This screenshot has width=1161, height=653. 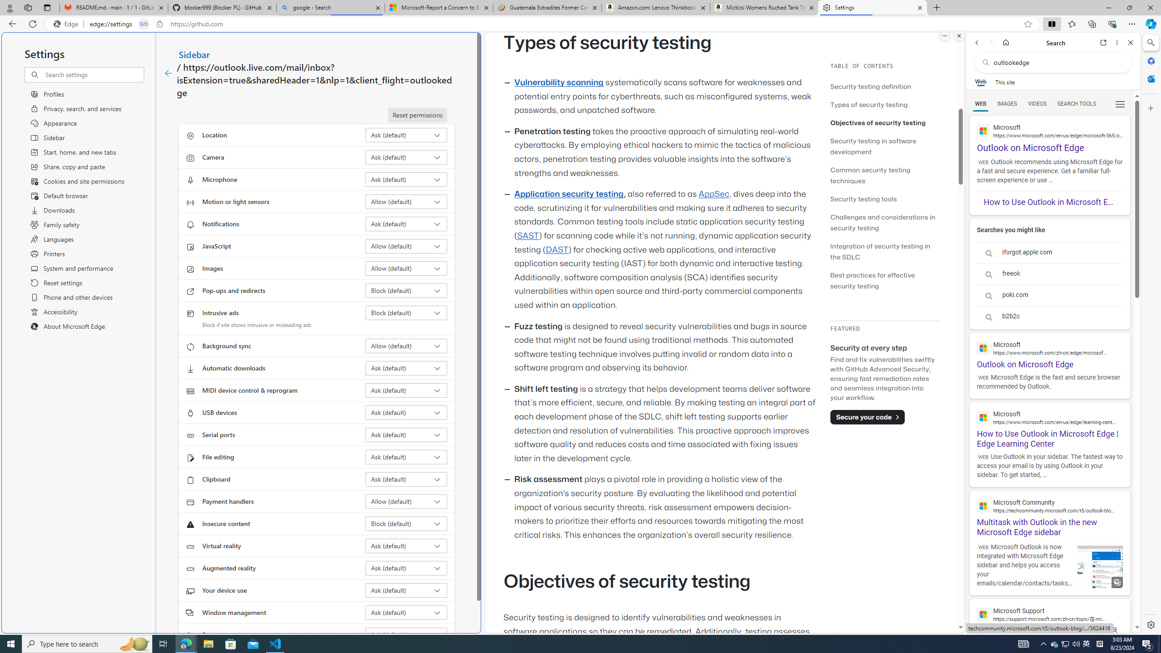 I want to click on 'Your device use Ask (default)', so click(x=406, y=590).